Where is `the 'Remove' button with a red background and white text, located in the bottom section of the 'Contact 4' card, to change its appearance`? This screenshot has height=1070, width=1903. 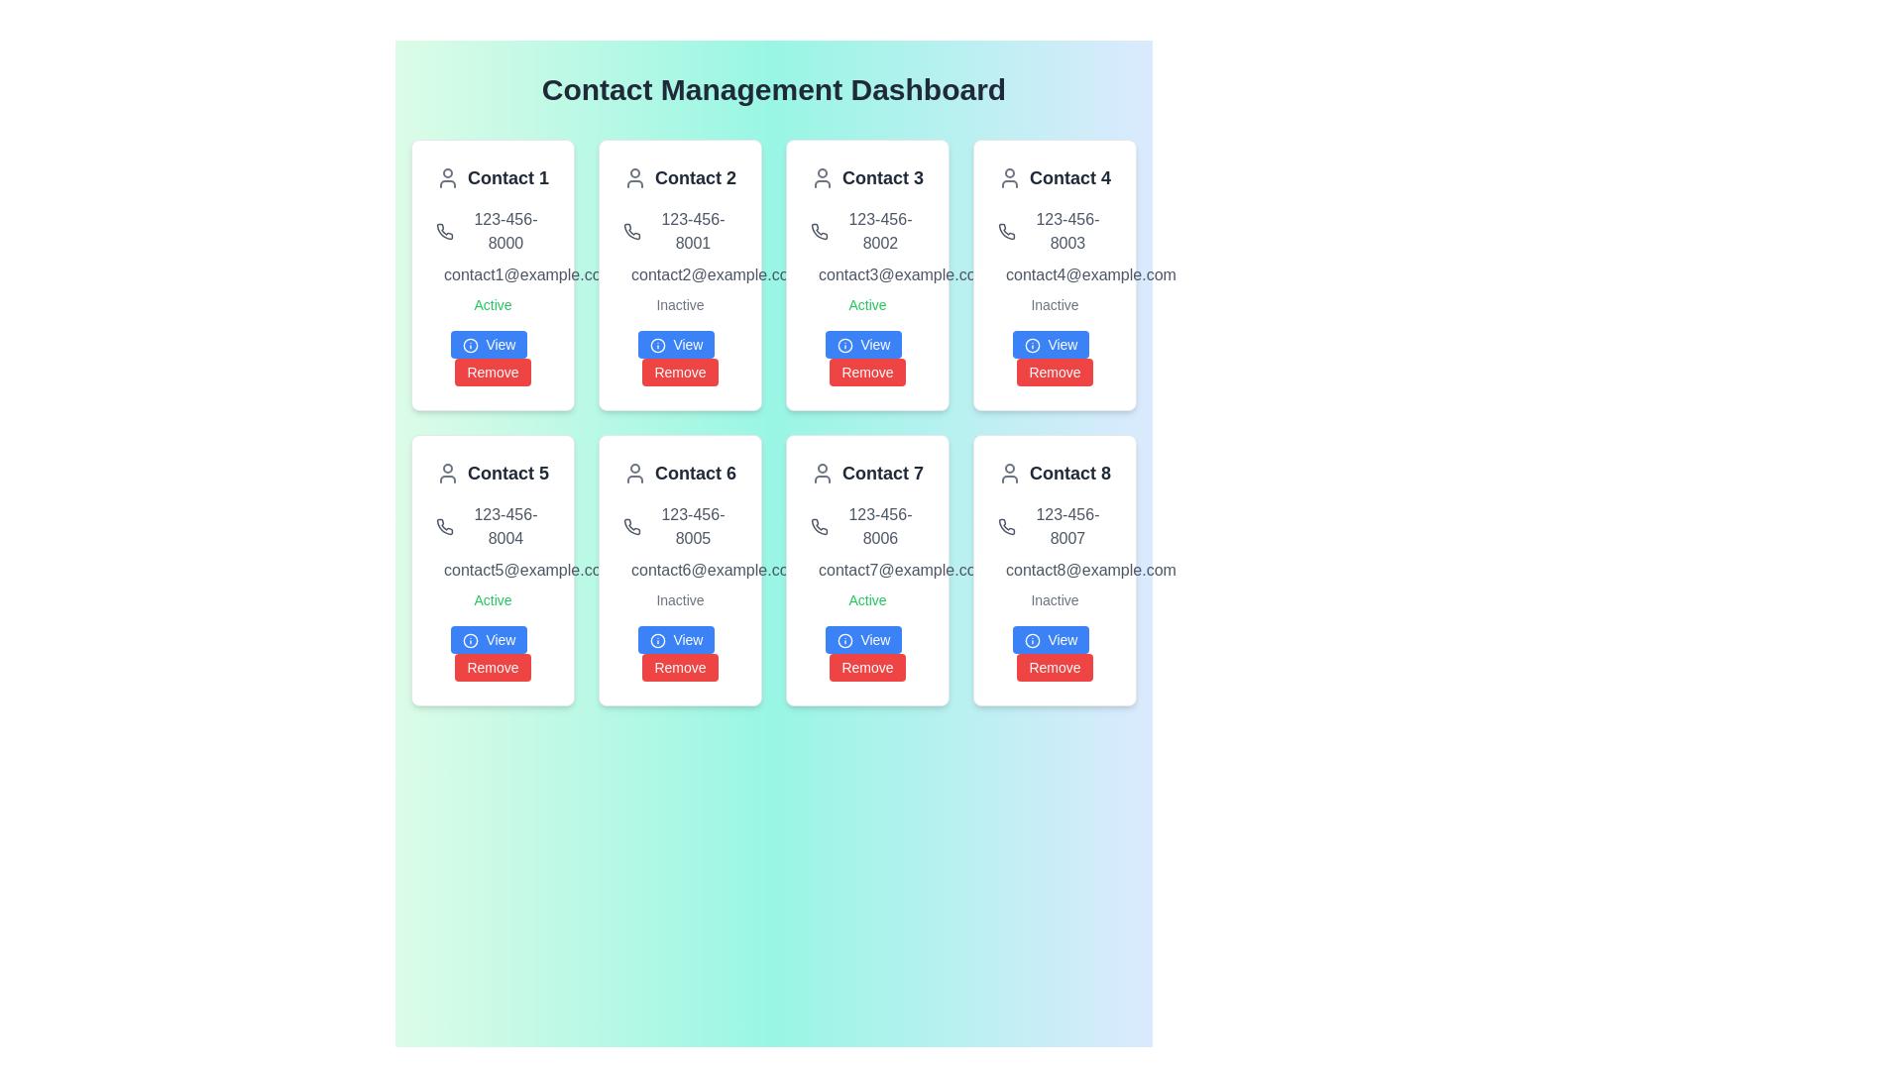 the 'Remove' button with a red background and white text, located in the bottom section of the 'Contact 4' card, to change its appearance is located at coordinates (1054, 372).